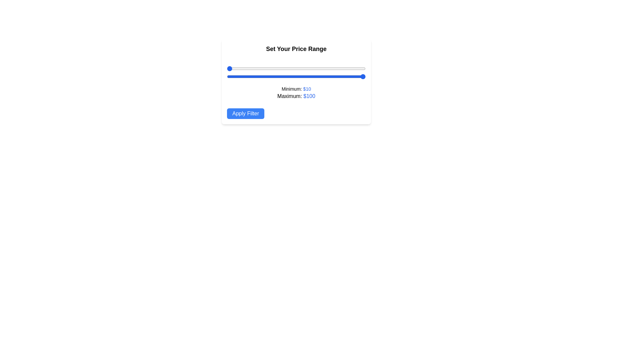 This screenshot has height=360, width=640. I want to click on the heading text 'Set Your Price Range' which is styled in bold and located at the top of the price range selection card, so click(296, 48).